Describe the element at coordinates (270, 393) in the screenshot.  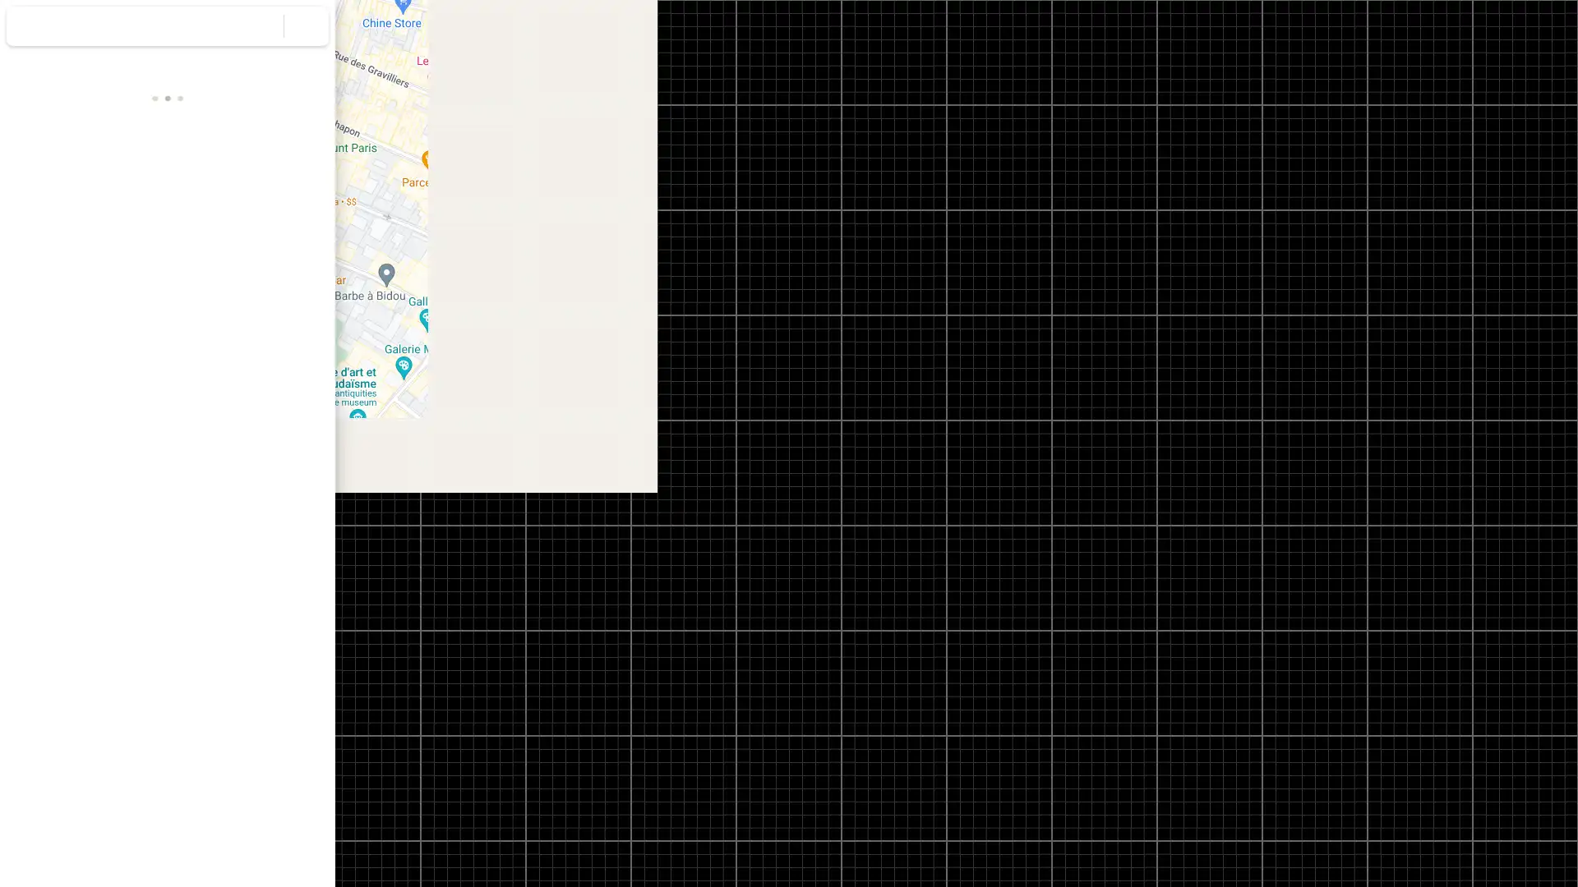
I see `Copy plus code` at that location.